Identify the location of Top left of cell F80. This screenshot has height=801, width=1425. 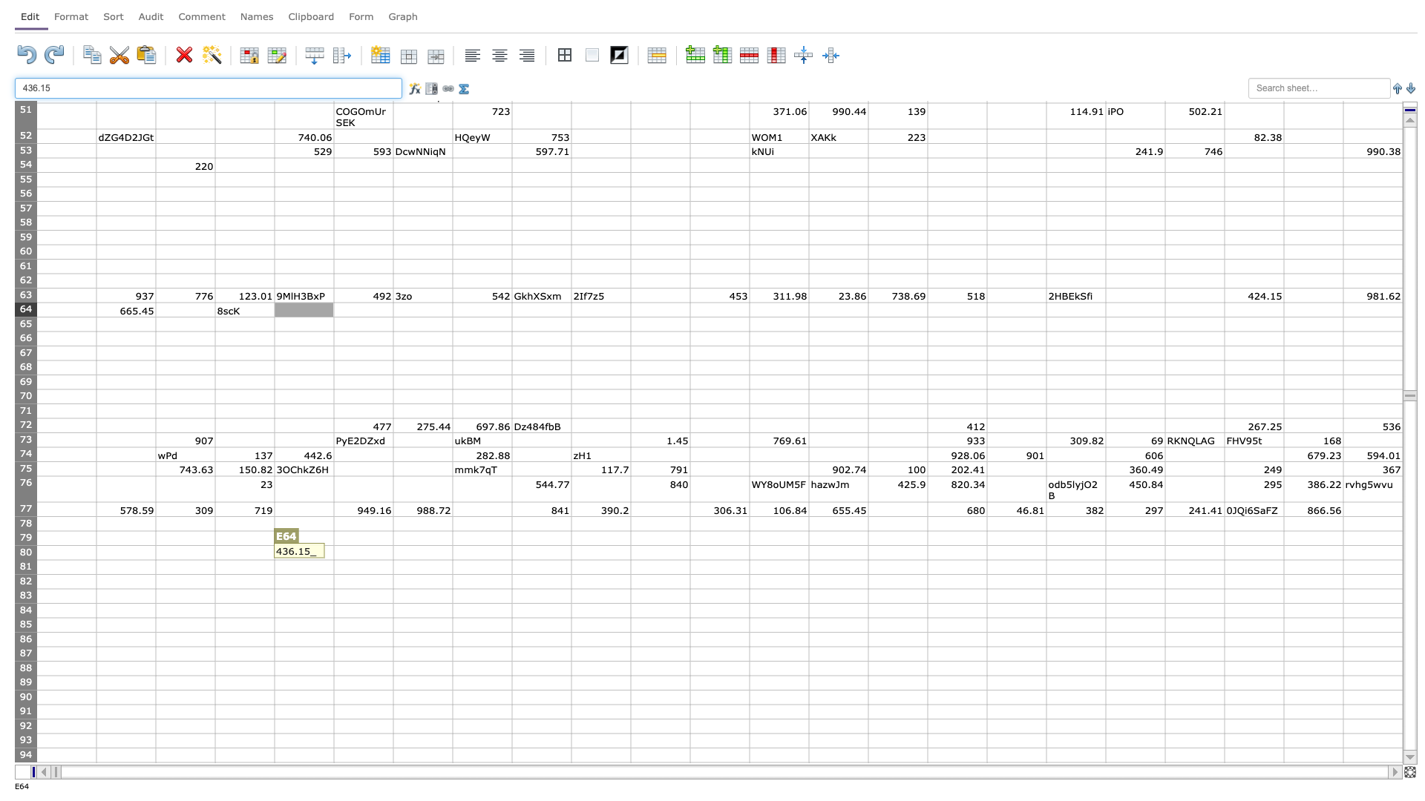
(333, 545).